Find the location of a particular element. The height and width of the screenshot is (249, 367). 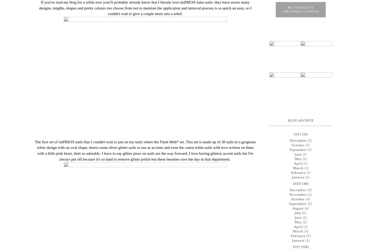

'This set is made up of 30 nails in a' is located at coordinates (213, 141).